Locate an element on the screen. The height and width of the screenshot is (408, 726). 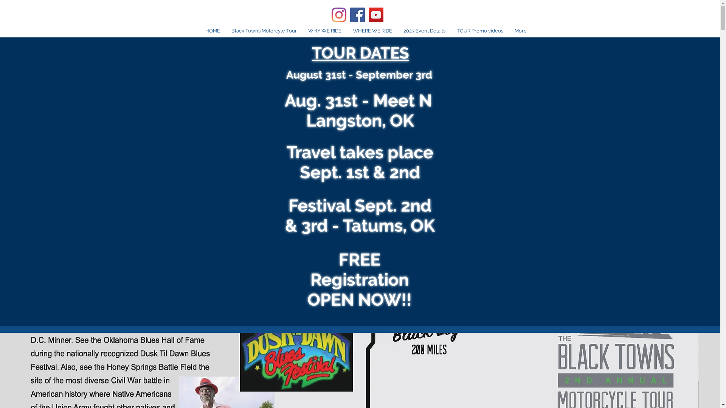
'HOME' is located at coordinates (212, 30).